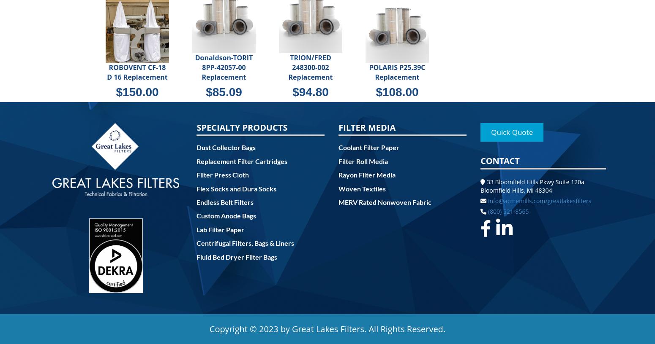  I want to click on 'Flex Socks and Dura Socks', so click(236, 188).